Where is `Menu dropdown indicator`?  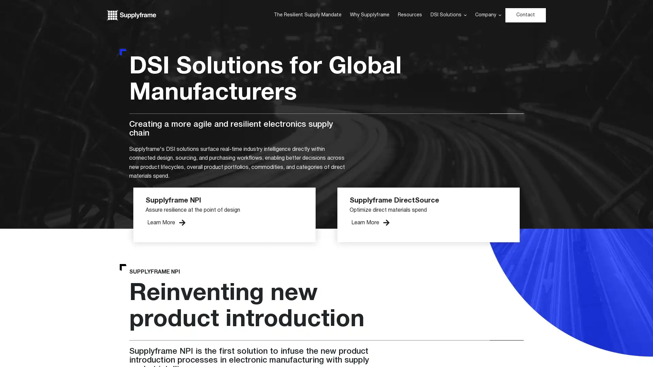
Menu dropdown indicator is located at coordinates (465, 15).